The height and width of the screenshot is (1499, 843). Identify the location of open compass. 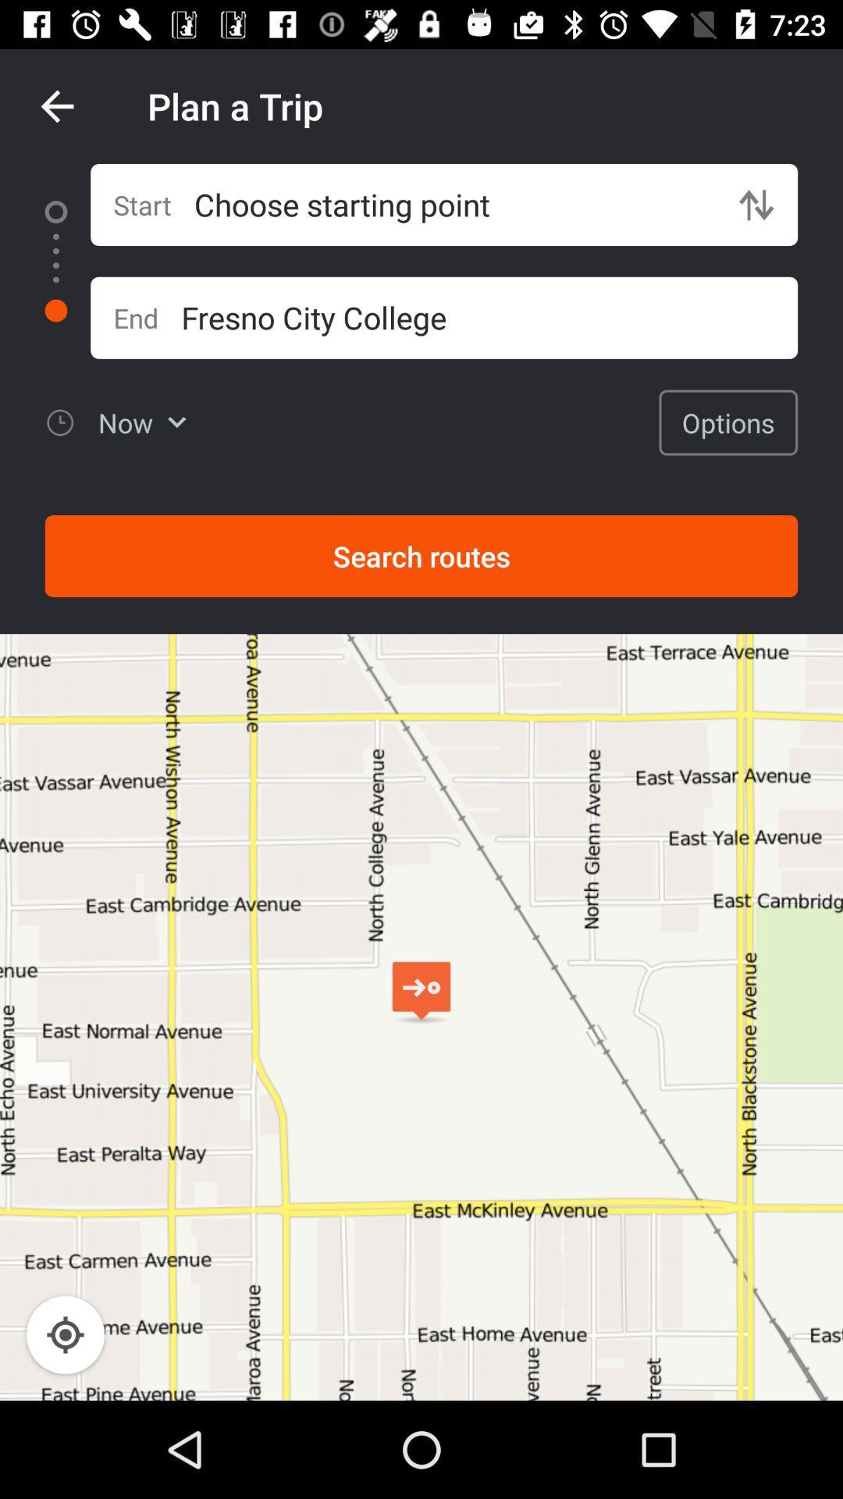
(65, 1333).